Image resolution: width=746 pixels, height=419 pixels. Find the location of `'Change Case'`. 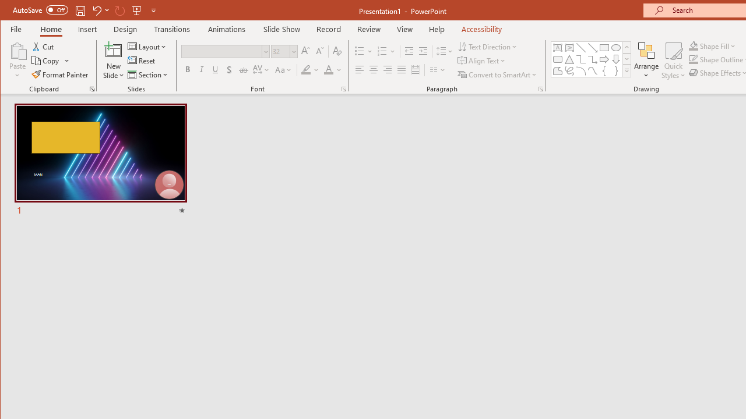

'Change Case' is located at coordinates (284, 70).